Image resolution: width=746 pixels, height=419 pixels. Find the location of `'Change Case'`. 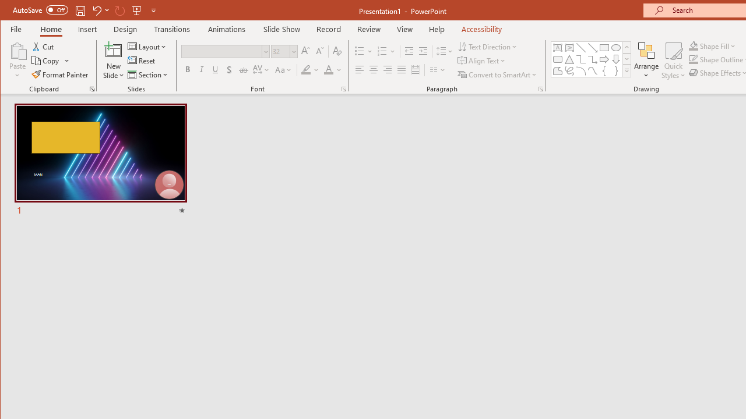

'Change Case' is located at coordinates (284, 70).